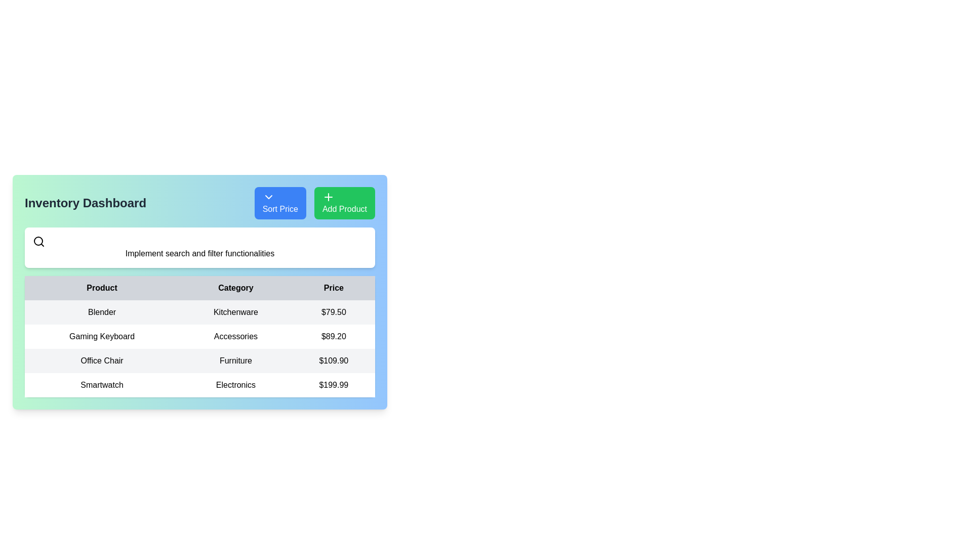  Describe the element at coordinates (334, 288) in the screenshot. I see `the Text label that serves as the column header for prices in the table, positioned as the third item after 'Product' and 'Category'` at that location.